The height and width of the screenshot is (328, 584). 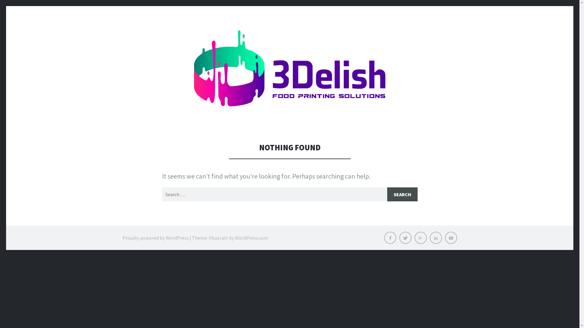 What do you see at coordinates (235, 237) in the screenshot?
I see `'WordPress.com'` at bounding box center [235, 237].